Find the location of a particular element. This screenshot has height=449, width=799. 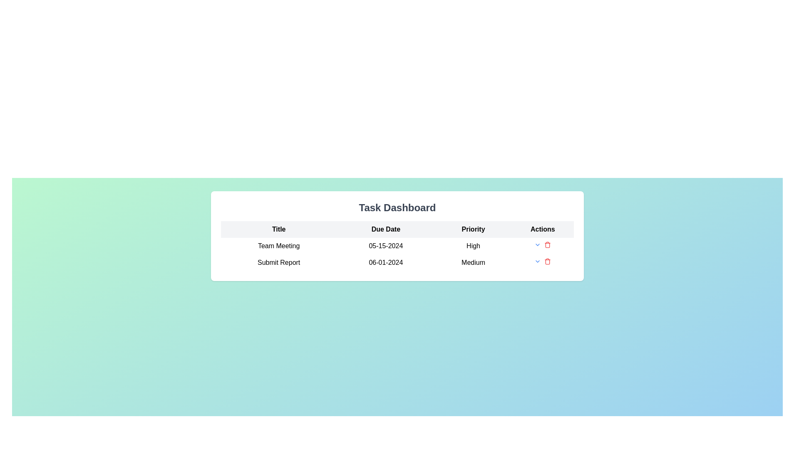

the dropdown icon in the Control group for the 'Submit Report' task is located at coordinates (543, 263).